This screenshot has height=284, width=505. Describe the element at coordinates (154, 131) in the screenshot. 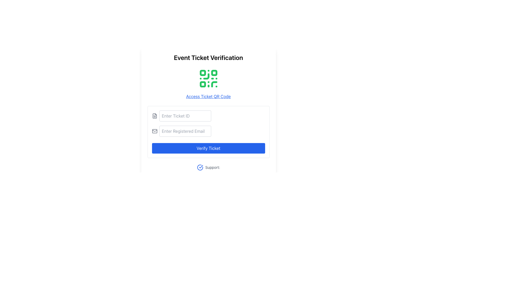

I see `the email icon, which is outlined in gray and resembles an envelope, positioned to the left of the input field labeled 'Enter Registered Email'` at that location.